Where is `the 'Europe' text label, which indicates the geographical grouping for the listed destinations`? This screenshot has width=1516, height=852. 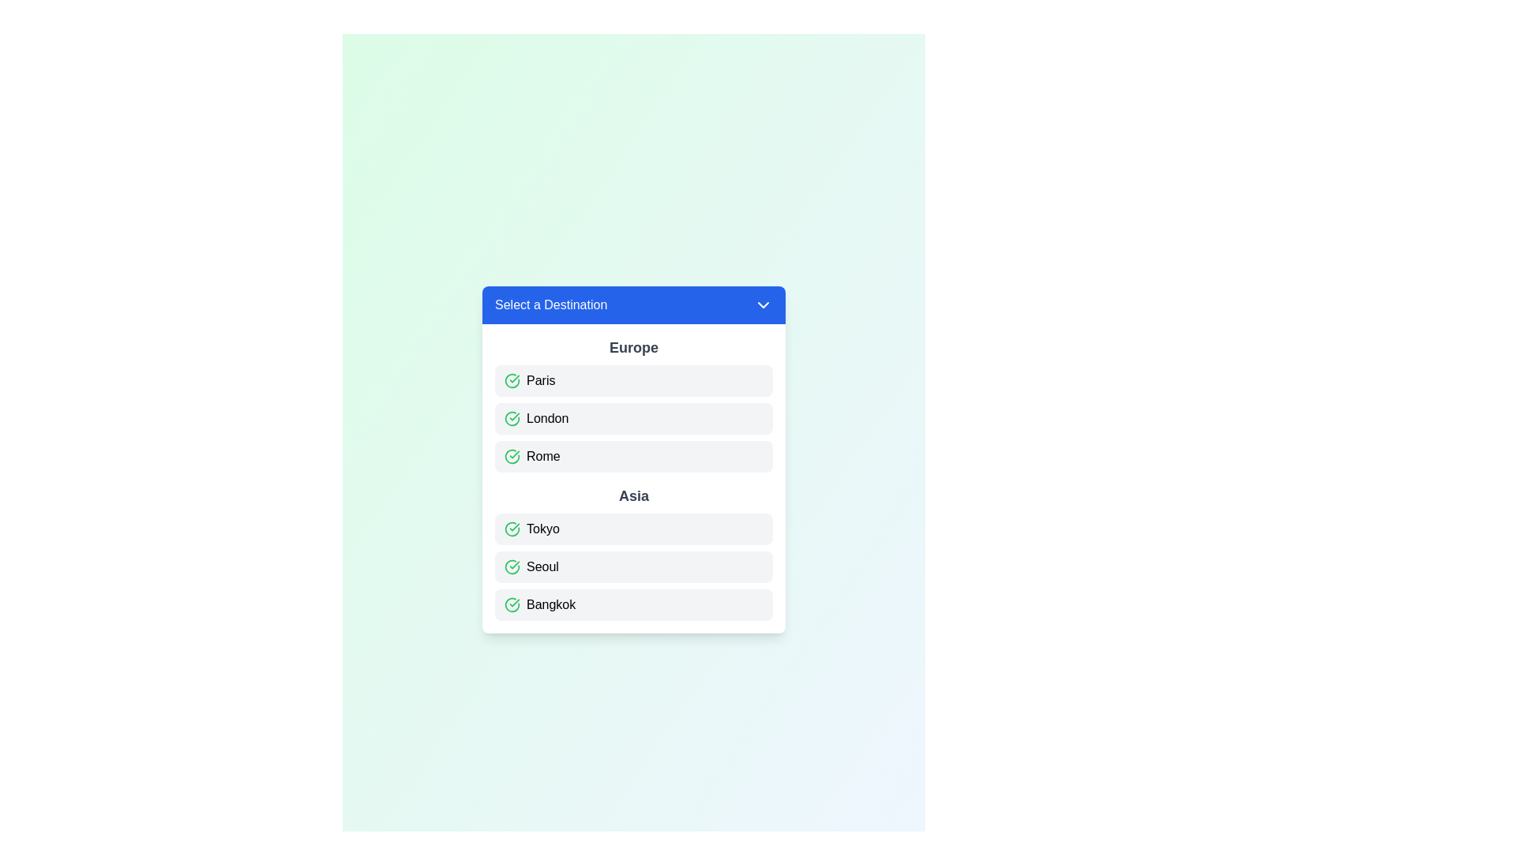 the 'Europe' text label, which indicates the geographical grouping for the listed destinations is located at coordinates (633, 346).